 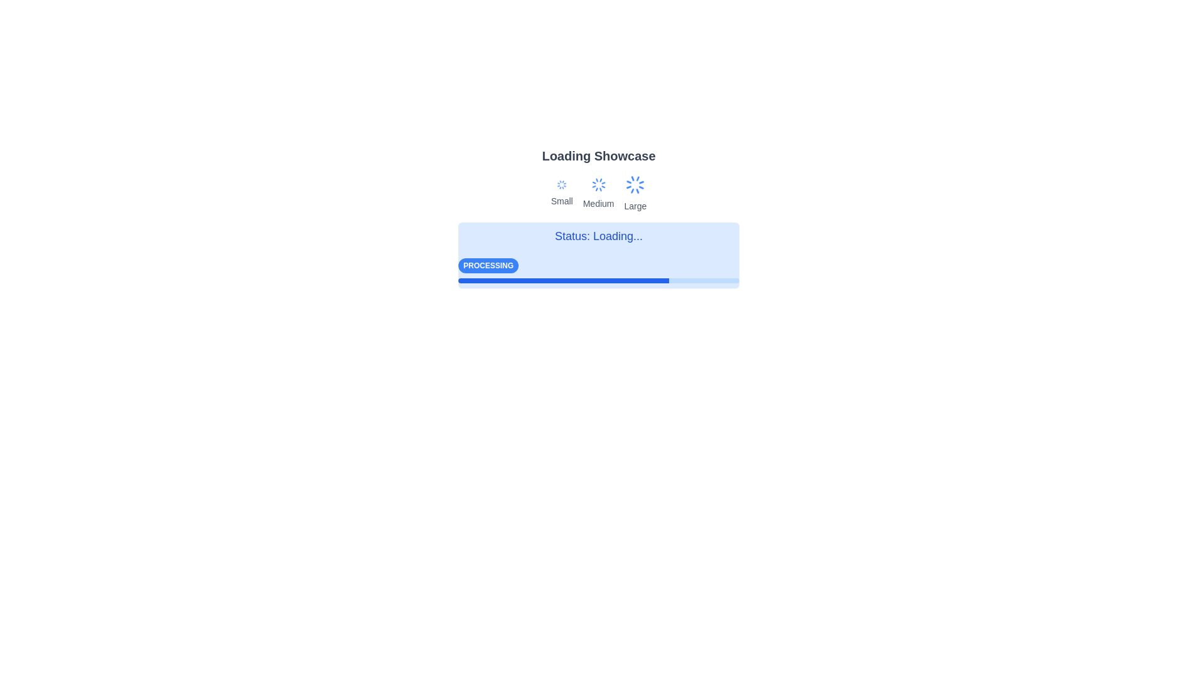 I want to click on the text label displaying the word 'Medium', which is styled with a small-size font and subdued gray color, located centrally beneath the blue rotating icon, so click(x=598, y=202).